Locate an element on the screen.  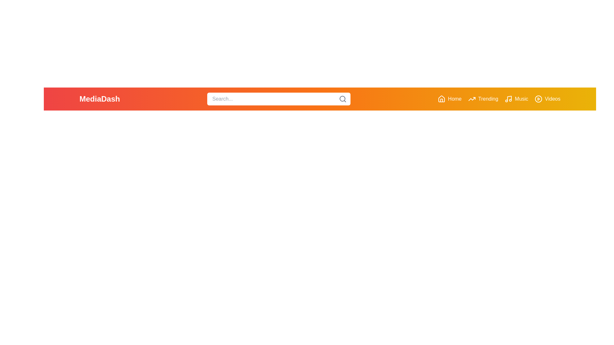
the interactive element Trending Button is located at coordinates (483, 99).